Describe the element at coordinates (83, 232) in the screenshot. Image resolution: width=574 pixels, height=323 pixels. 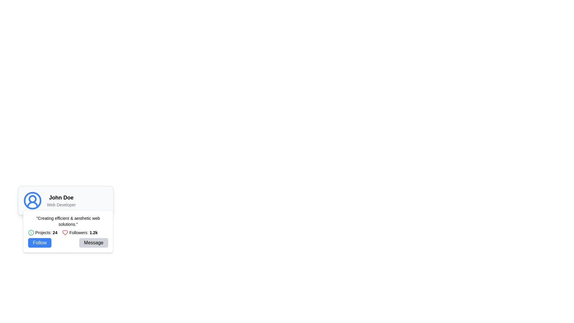
I see `the textual label displaying 'Followers: 1.2k', which is located to the right of the red heart icon in the lower part of the profile card` at that location.